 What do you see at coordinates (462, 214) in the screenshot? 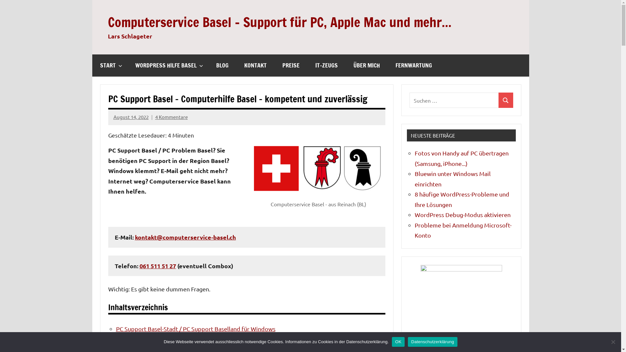
I see `'WordPress Debug-Modus aktivieren'` at bounding box center [462, 214].